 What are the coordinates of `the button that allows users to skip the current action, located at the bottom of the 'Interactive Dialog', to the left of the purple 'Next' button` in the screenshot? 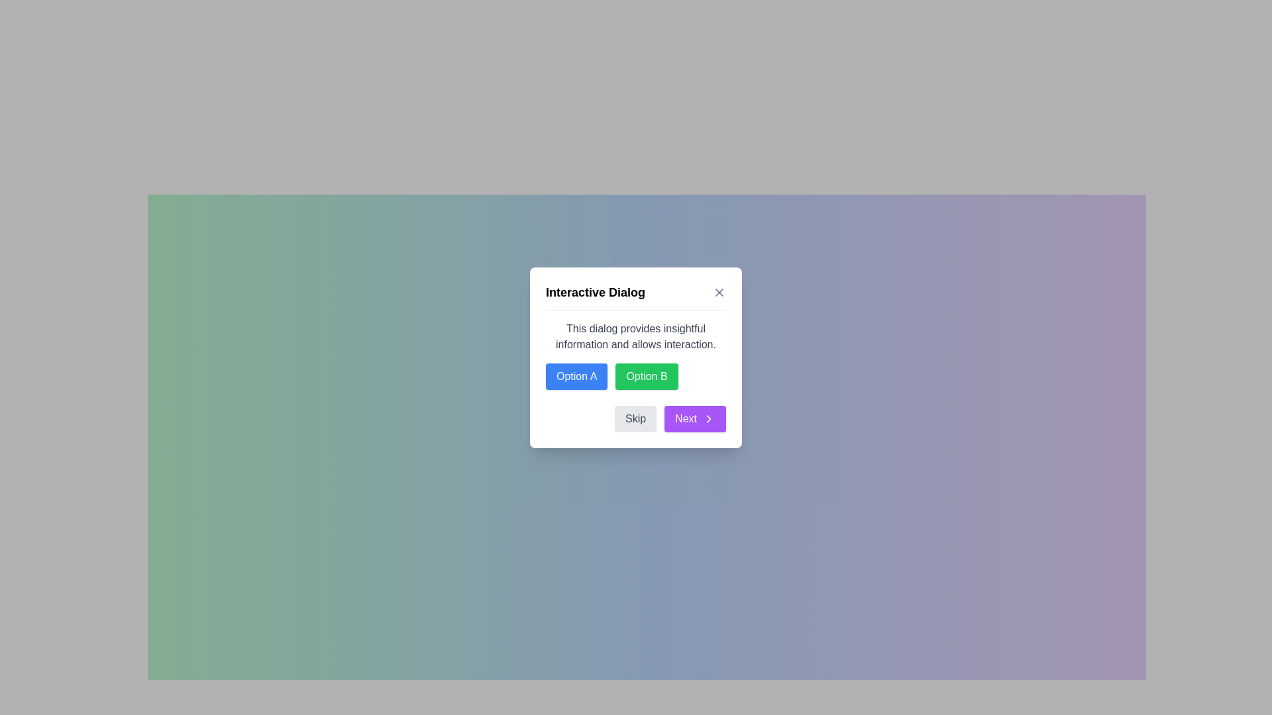 It's located at (636, 418).